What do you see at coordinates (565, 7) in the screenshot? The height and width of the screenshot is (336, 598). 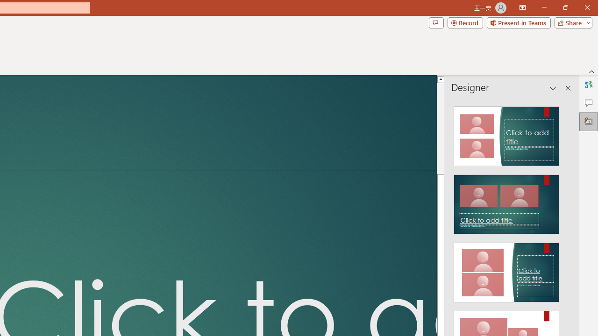 I see `'Restore Down'` at bounding box center [565, 7].